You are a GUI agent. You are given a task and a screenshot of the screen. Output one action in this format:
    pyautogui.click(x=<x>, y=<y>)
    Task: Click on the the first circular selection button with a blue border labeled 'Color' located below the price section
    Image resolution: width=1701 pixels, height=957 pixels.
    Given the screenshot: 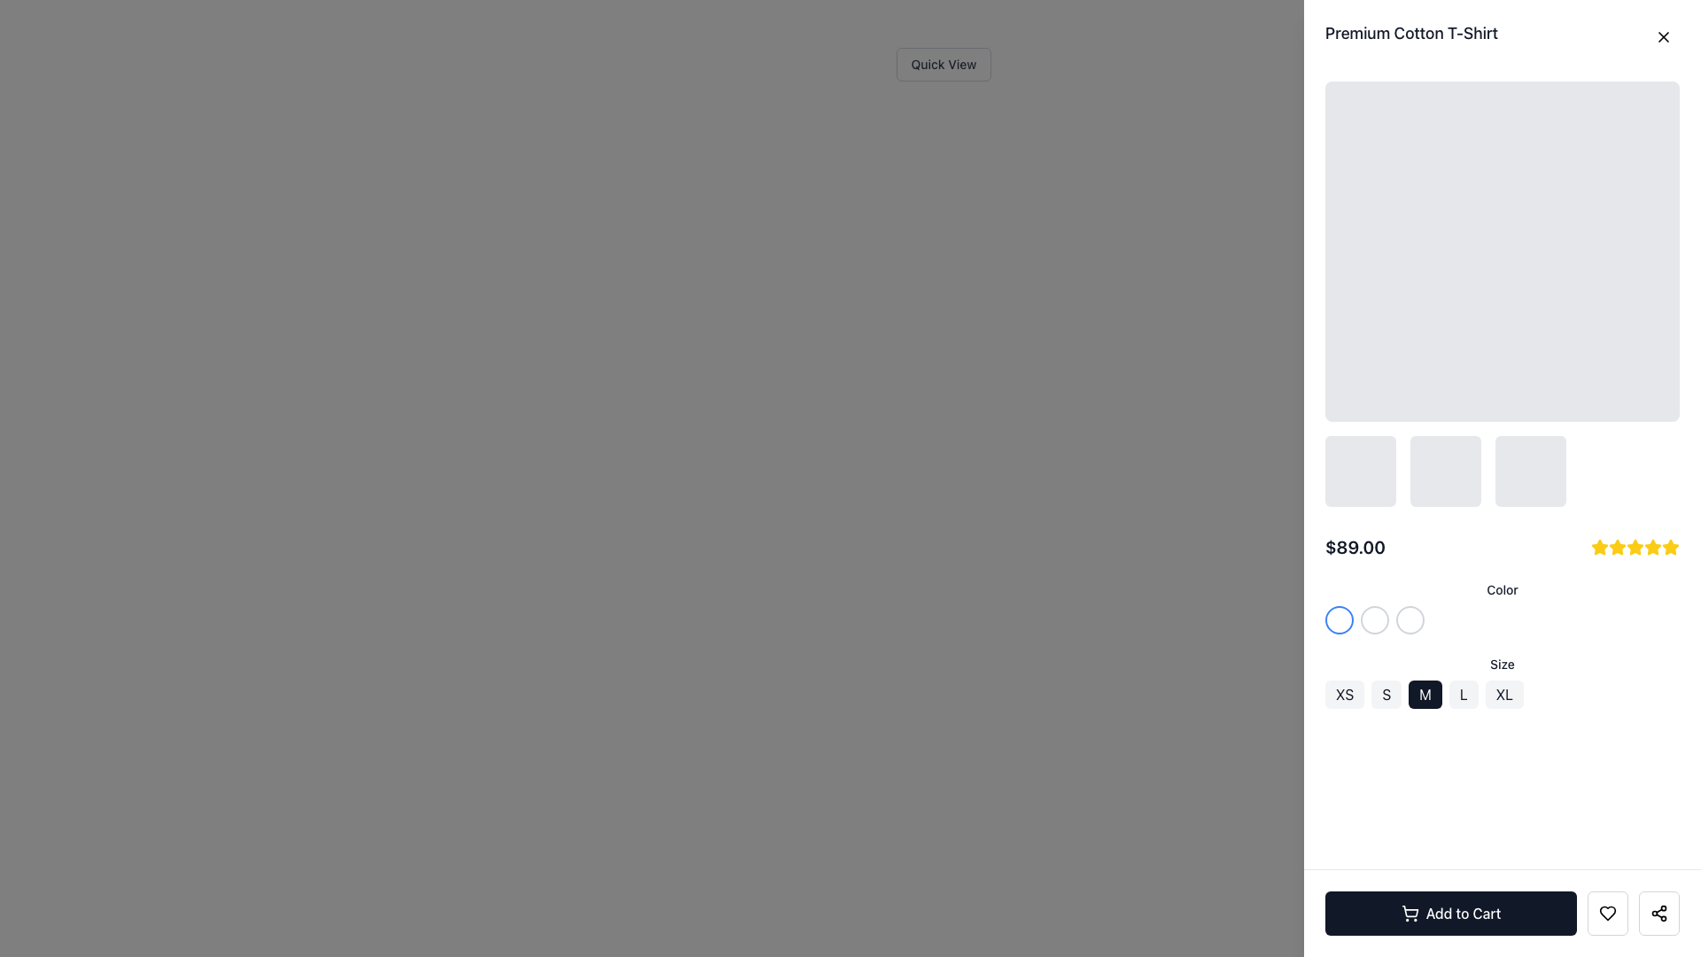 What is the action you would take?
    pyautogui.click(x=1340, y=619)
    